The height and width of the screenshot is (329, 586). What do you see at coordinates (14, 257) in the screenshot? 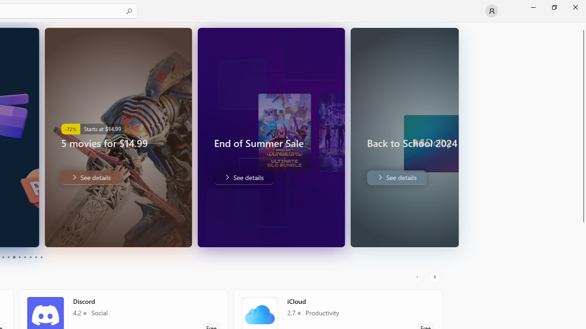
I see `'Page 5'` at bounding box center [14, 257].